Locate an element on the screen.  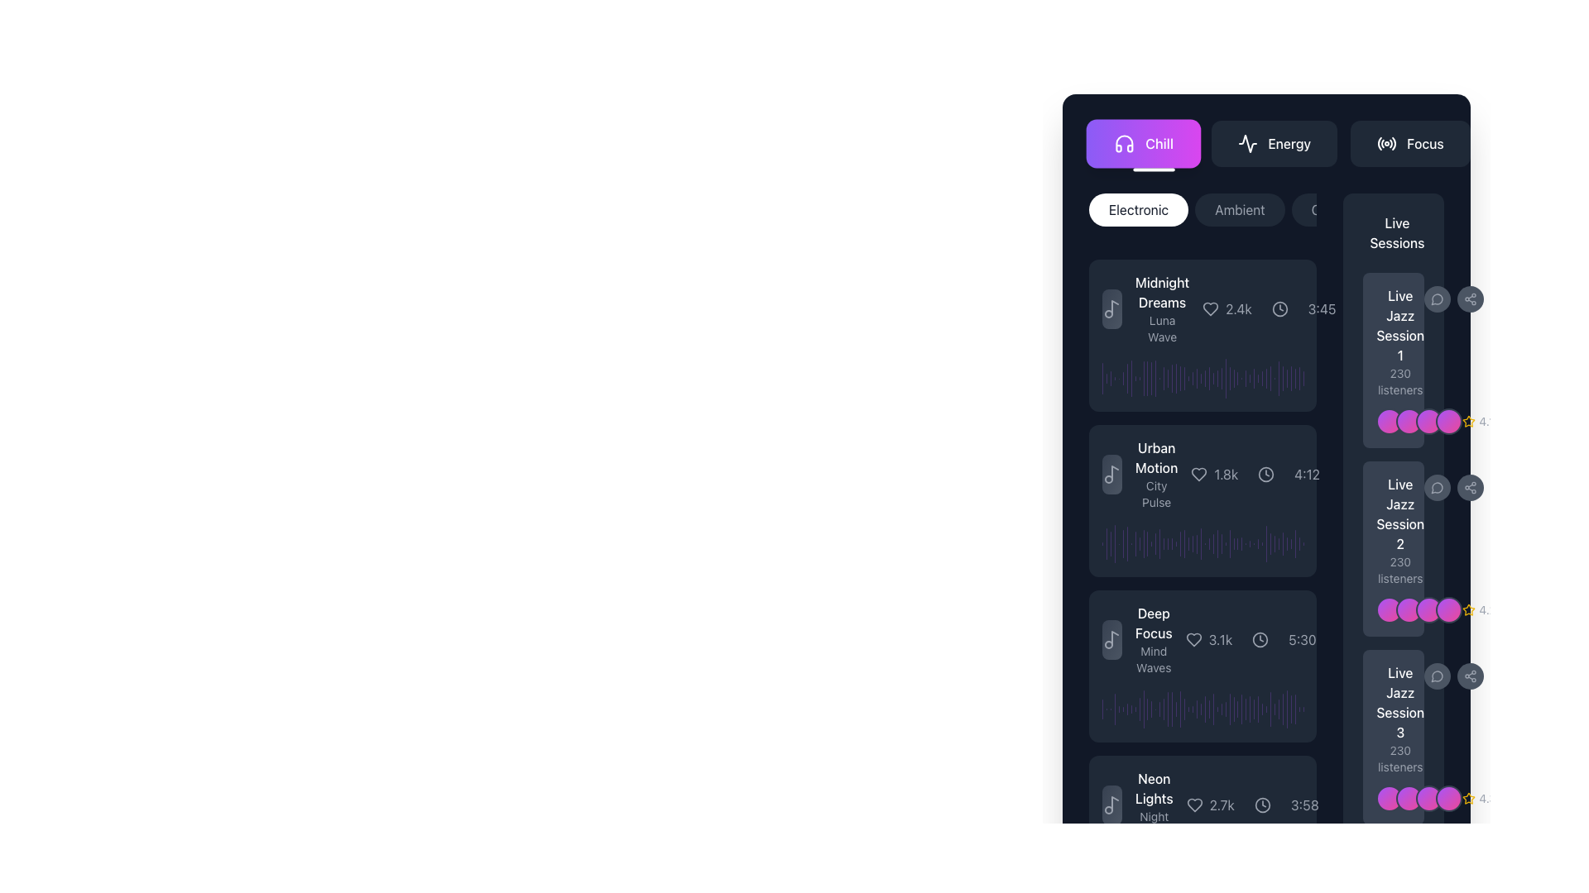
the music note icon associated with the track 'Urban Motion', which is located at the top left of the track card, adjacent to the 'Urban Motion' and 'City Pulse' text labels is located at coordinates (1112, 475).